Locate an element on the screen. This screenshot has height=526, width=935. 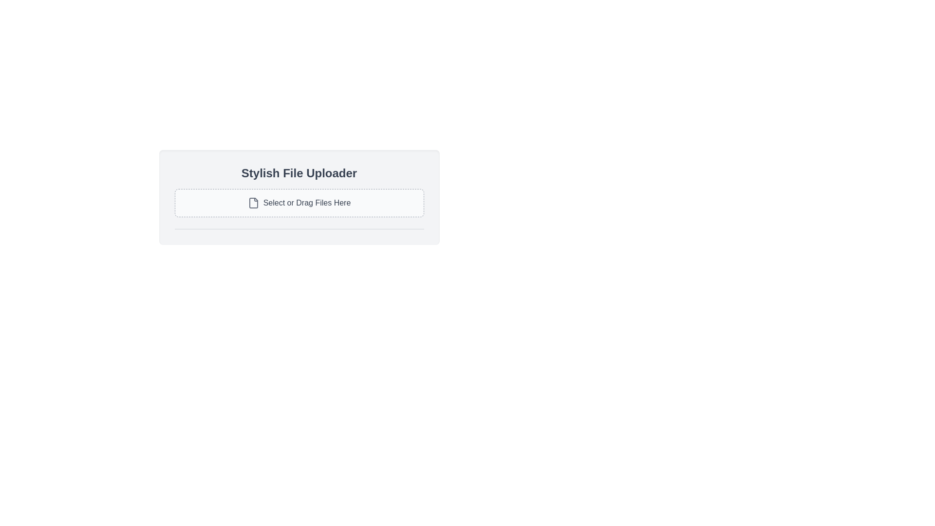
the file upload area located in the center of the interface, positioned below the 'Stylish File Uploader' text and above a horizontal line is located at coordinates (299, 202).